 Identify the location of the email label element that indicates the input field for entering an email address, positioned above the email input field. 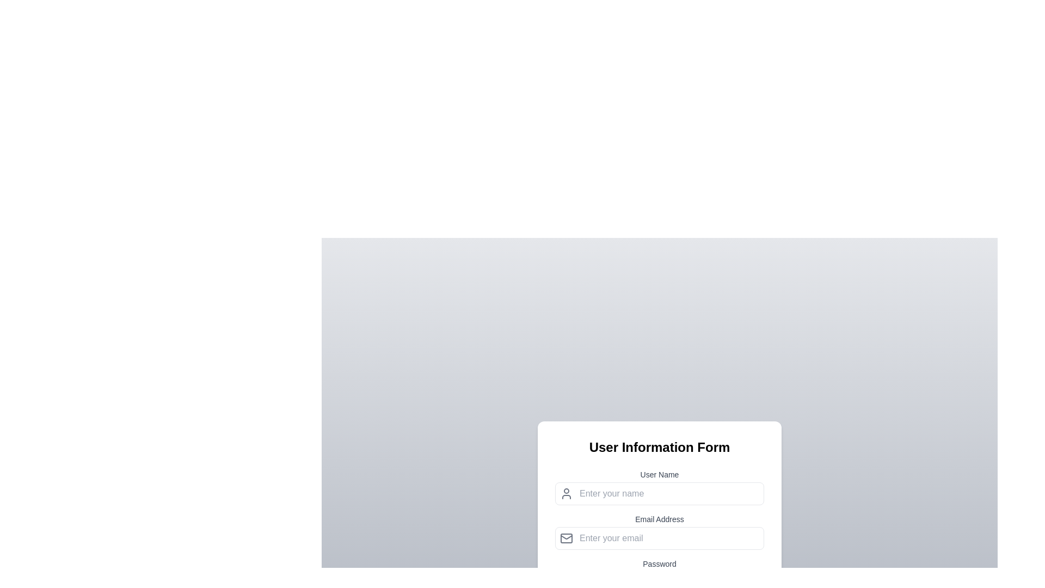
(659, 518).